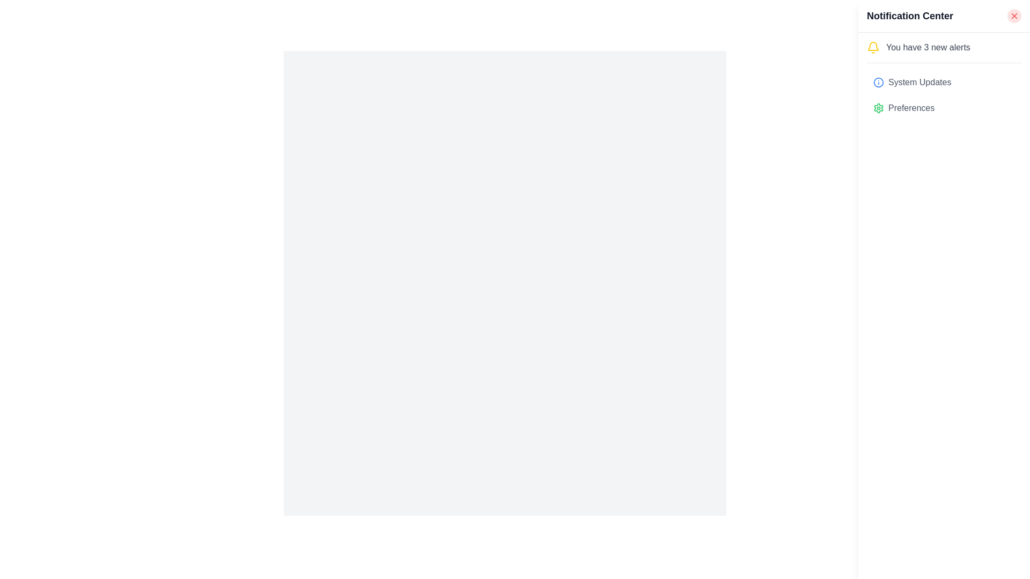 Image resolution: width=1030 pixels, height=579 pixels. What do you see at coordinates (878, 108) in the screenshot?
I see `the green gear-shaped icon located near the bottom-right corner of the Notification Center panel` at bounding box center [878, 108].